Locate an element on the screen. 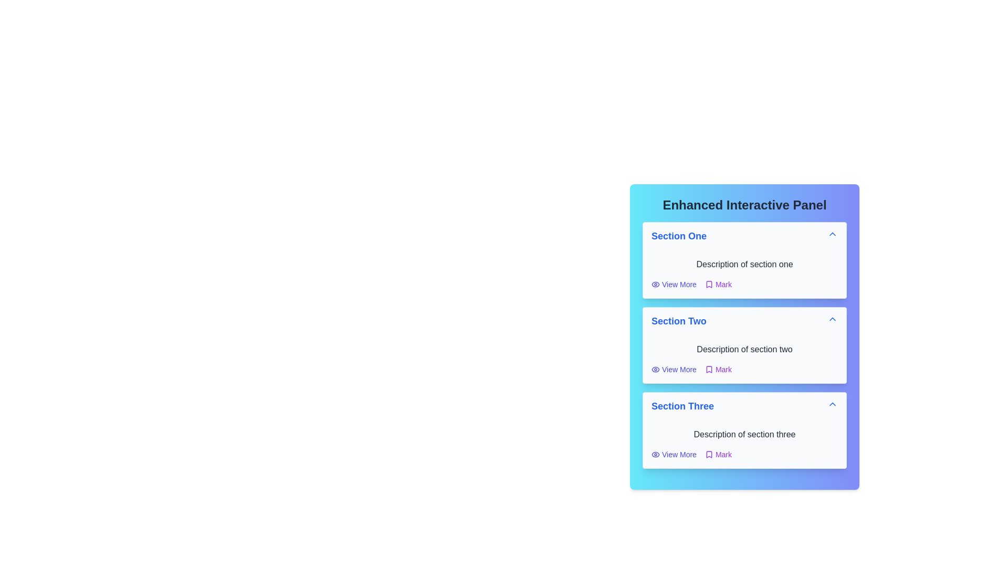  the Chevron icon button located at the far right side of the header of the 'Section Two' panel is located at coordinates (832, 319).